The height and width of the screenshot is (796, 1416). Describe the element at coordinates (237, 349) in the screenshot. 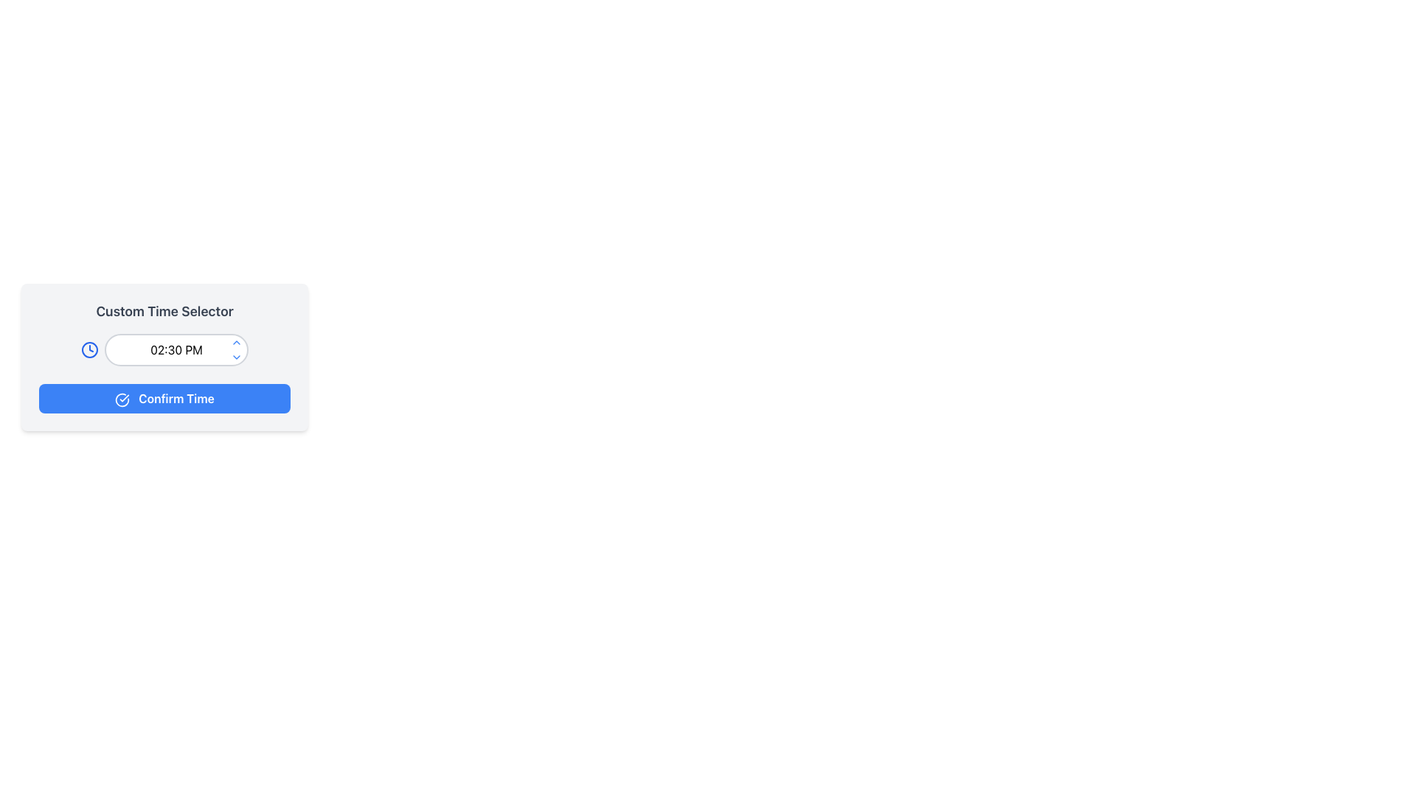

I see `the downward arrow of the Time adjustment control to decrement the time value displayed in the time input field` at that location.